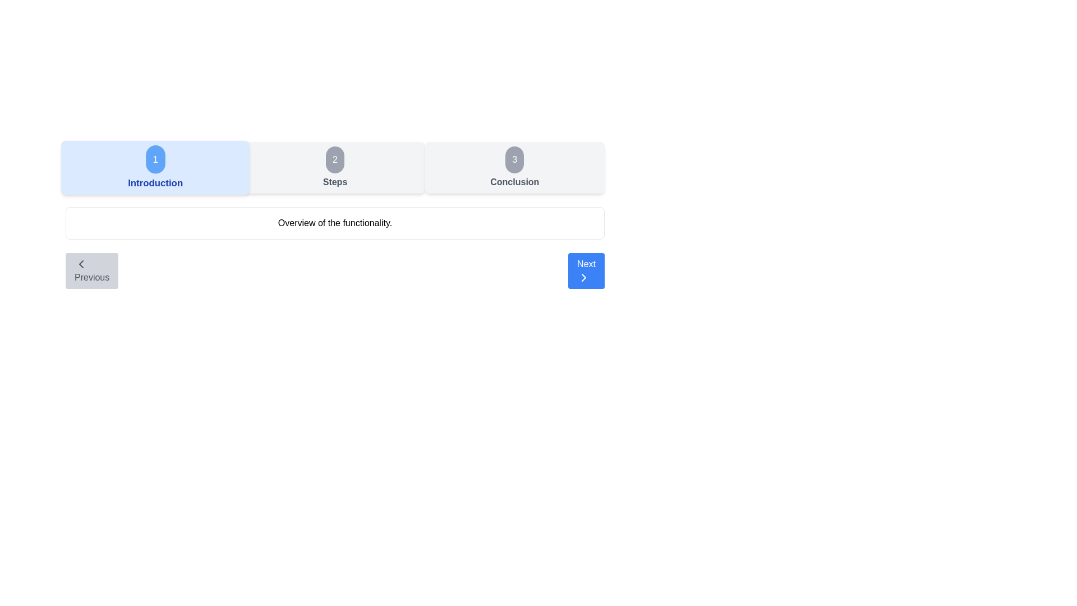  Describe the element at coordinates (586, 270) in the screenshot. I see `the Next button to navigate between steps` at that location.